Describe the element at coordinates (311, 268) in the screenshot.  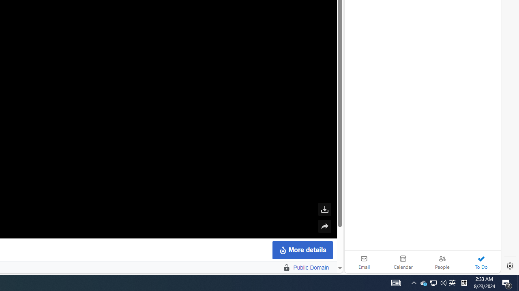
I see `'Public Domain'` at that location.